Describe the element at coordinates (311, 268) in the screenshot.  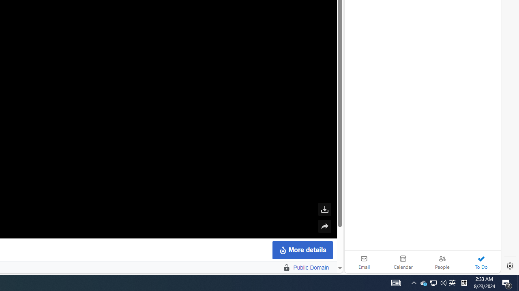
I see `'Public Domain'` at that location.